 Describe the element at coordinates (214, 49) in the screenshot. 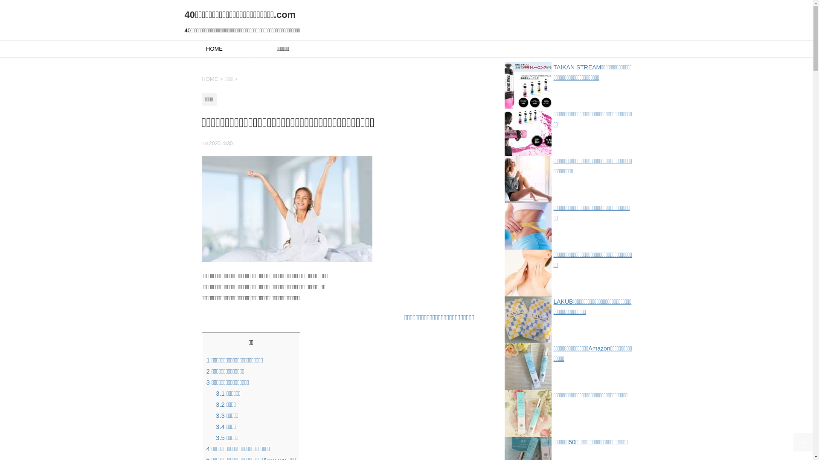

I see `'HOME'` at that location.